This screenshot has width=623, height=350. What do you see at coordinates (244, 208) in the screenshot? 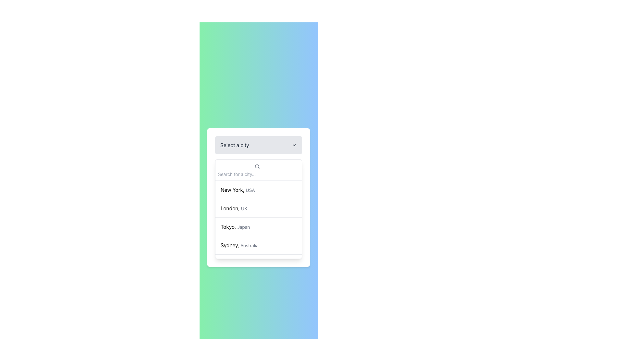
I see `the static text label displaying 'UK', which is styled in gray and positioned to the right of 'London' in the dropdown menu listing city names` at bounding box center [244, 208].